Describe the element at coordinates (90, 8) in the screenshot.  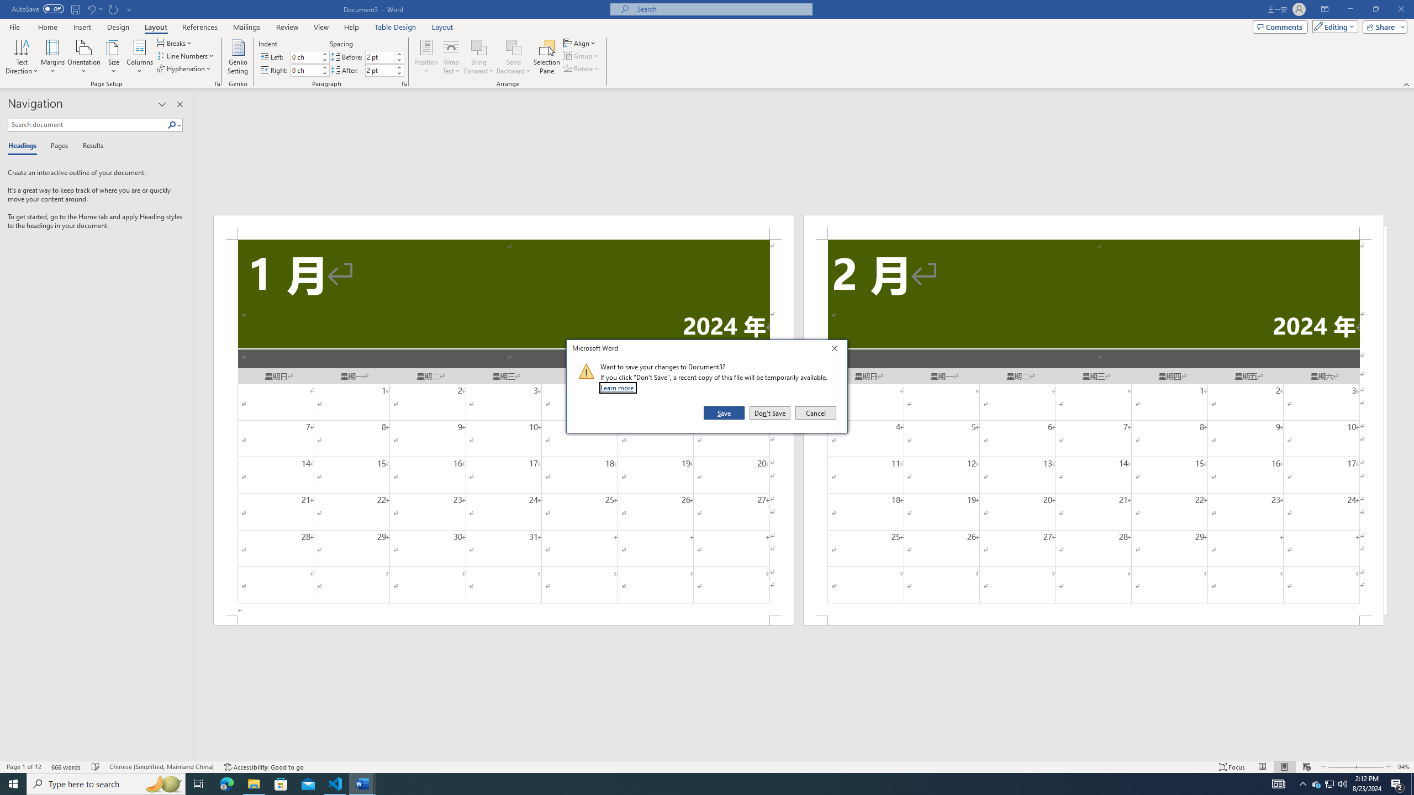
I see `'Undo Increase Indent'` at that location.